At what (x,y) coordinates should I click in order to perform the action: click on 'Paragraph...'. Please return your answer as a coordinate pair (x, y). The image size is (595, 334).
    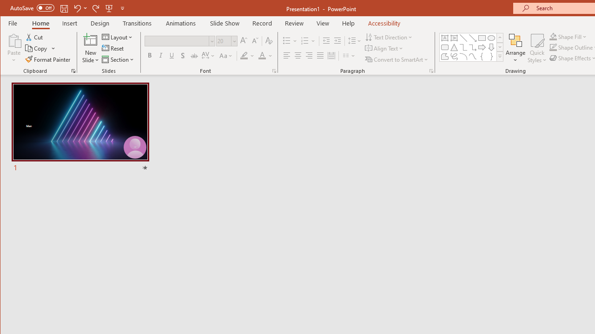
    Looking at the image, I should click on (431, 71).